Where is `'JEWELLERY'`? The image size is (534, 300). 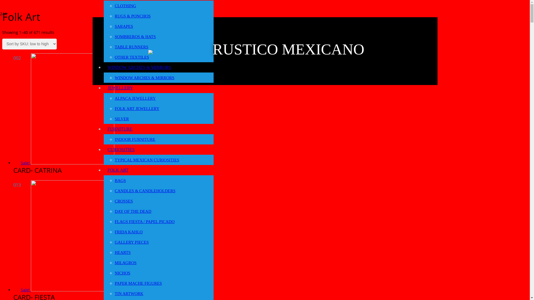 'JEWELLERY' is located at coordinates (103, 87).